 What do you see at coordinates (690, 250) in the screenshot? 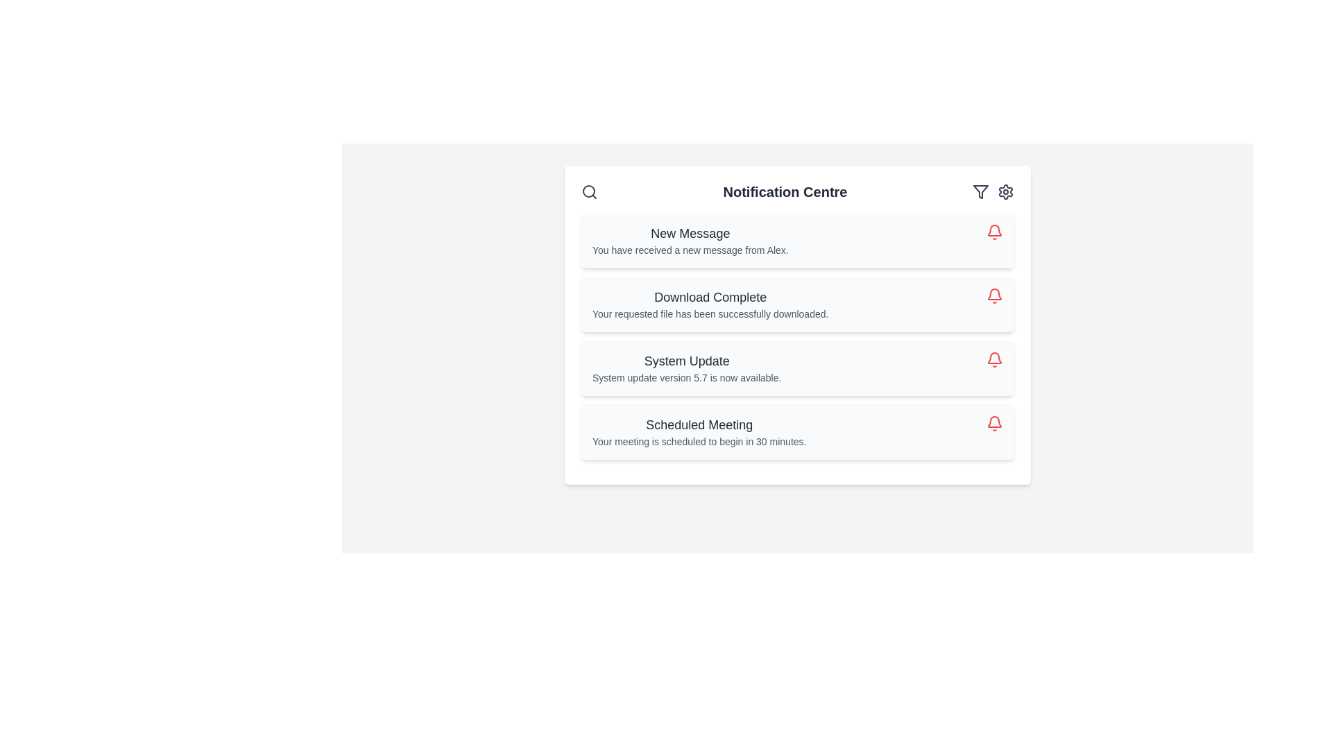
I see `descriptive text displayed in a smaller, slightly gray font located directly below the 'New Message' title in the first notification card` at bounding box center [690, 250].